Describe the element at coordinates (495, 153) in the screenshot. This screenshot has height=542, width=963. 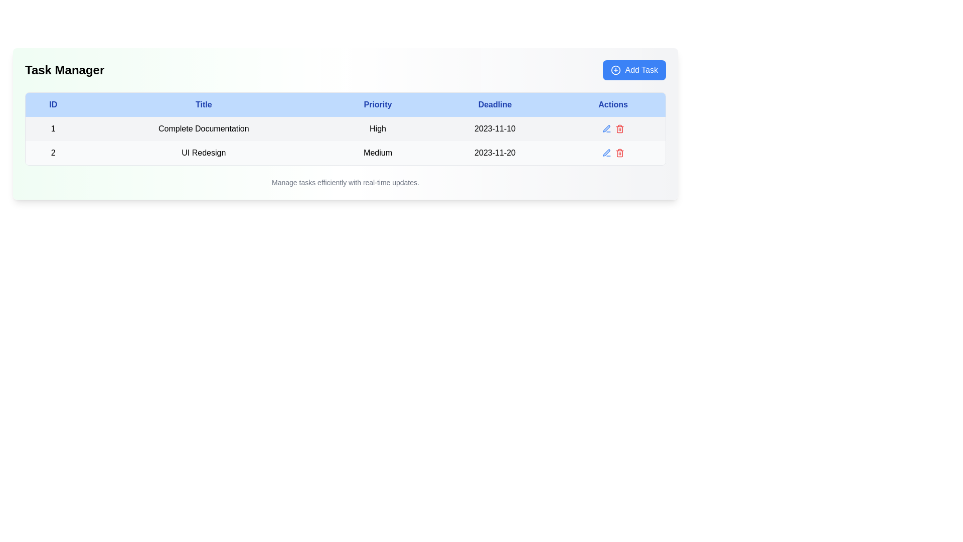
I see `the static text label displaying the date '2023-11-20' in the 'Deadline' column of the table for the task 'UI Redesign'` at that location.